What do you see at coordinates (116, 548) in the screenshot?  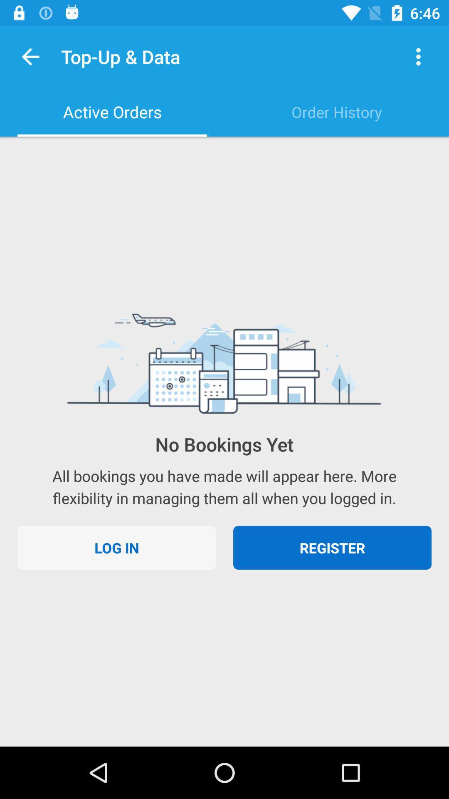 I see `icon below all bookings you icon` at bounding box center [116, 548].